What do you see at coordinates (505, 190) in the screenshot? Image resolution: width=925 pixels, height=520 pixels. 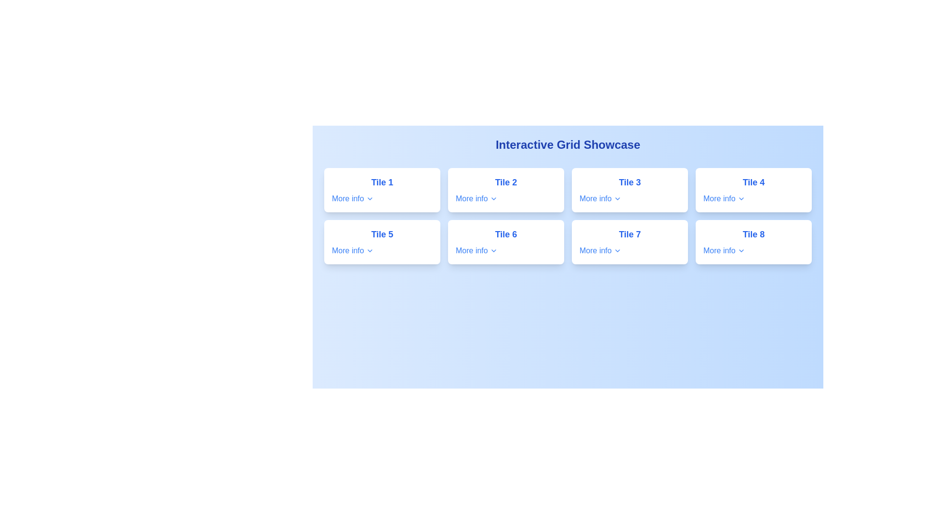 I see `the interactive card located in the first row and second column of the grid layout, positioned between 'Tile 1' and 'Tile 3'` at bounding box center [505, 190].